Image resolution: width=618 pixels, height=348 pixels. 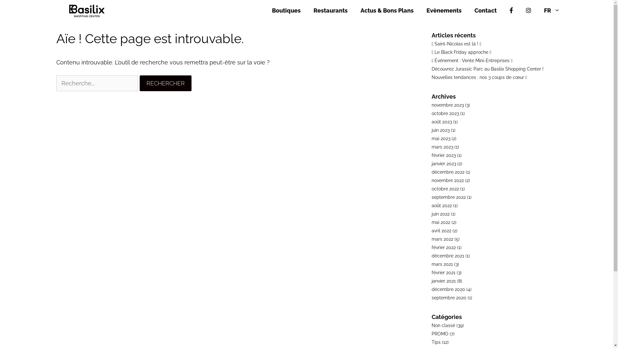 What do you see at coordinates (443, 163) in the screenshot?
I see `'janvier 2023'` at bounding box center [443, 163].